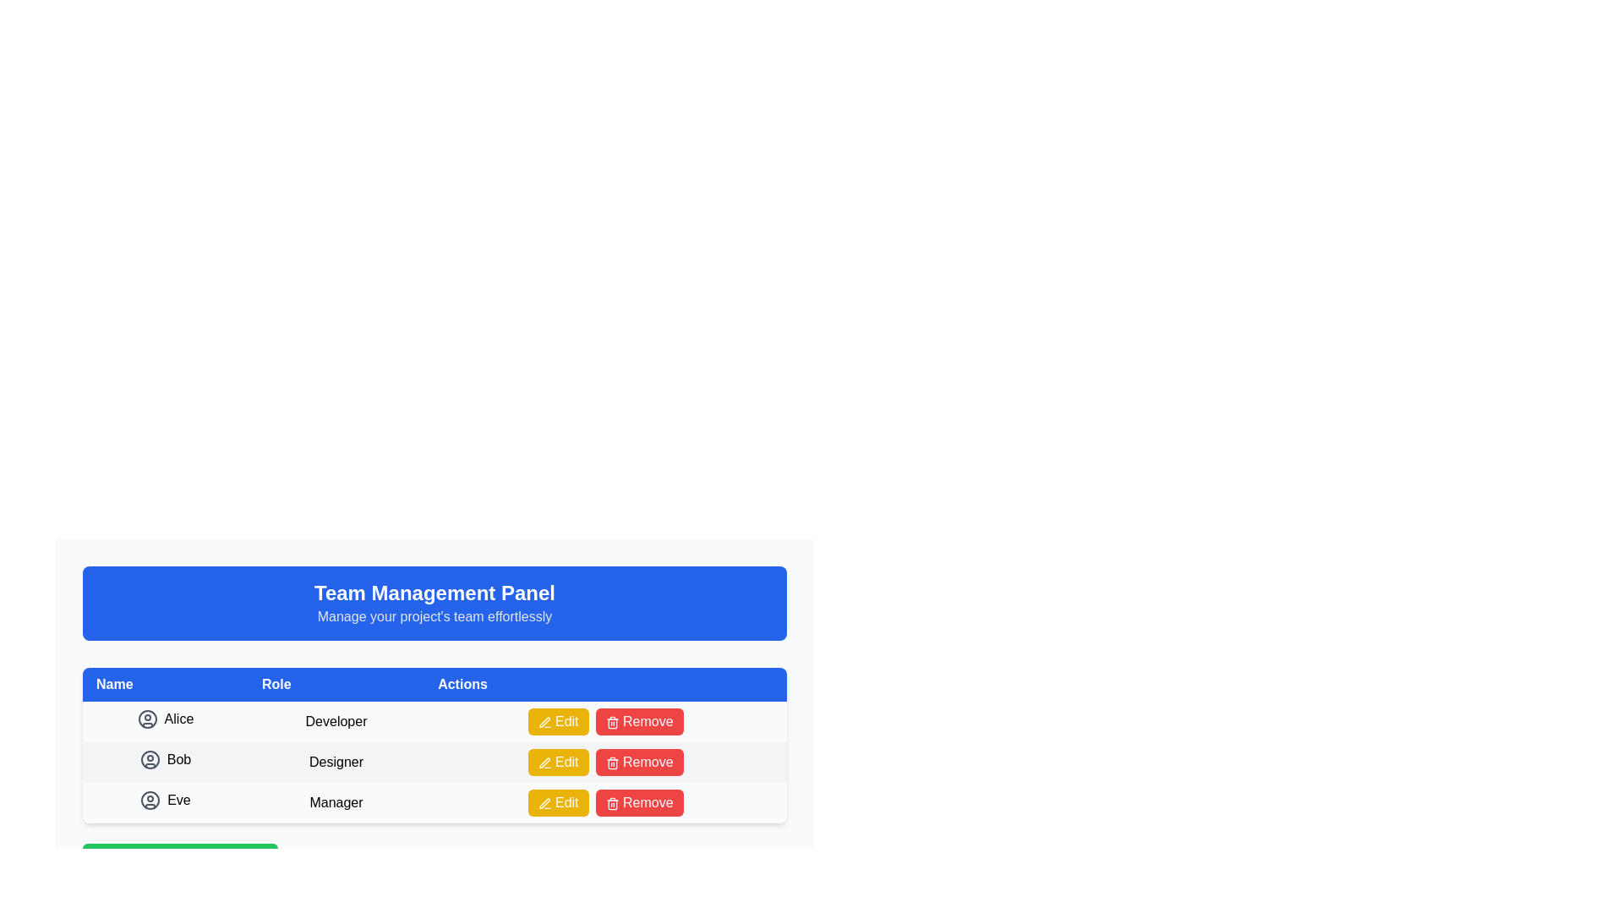  I want to click on the 'Remove' button, which features a trash bin icon on the left side of its text and is located in the last column of a table row, so click(611, 802).